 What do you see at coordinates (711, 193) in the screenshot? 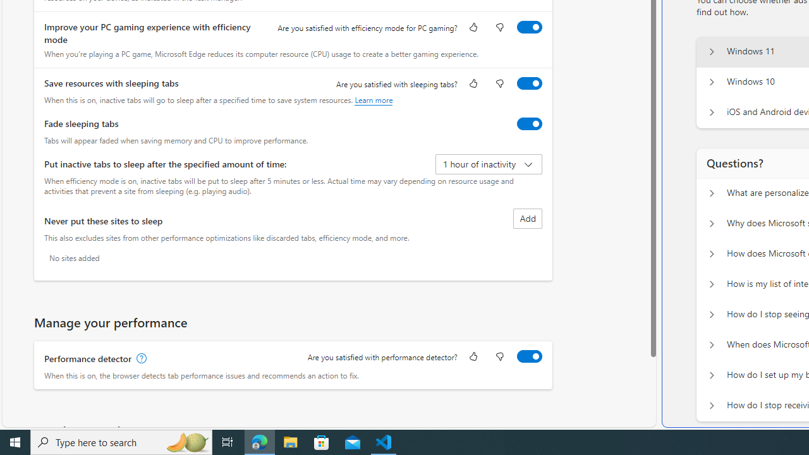
I see `'Questions? What are personalized ads?'` at bounding box center [711, 193].